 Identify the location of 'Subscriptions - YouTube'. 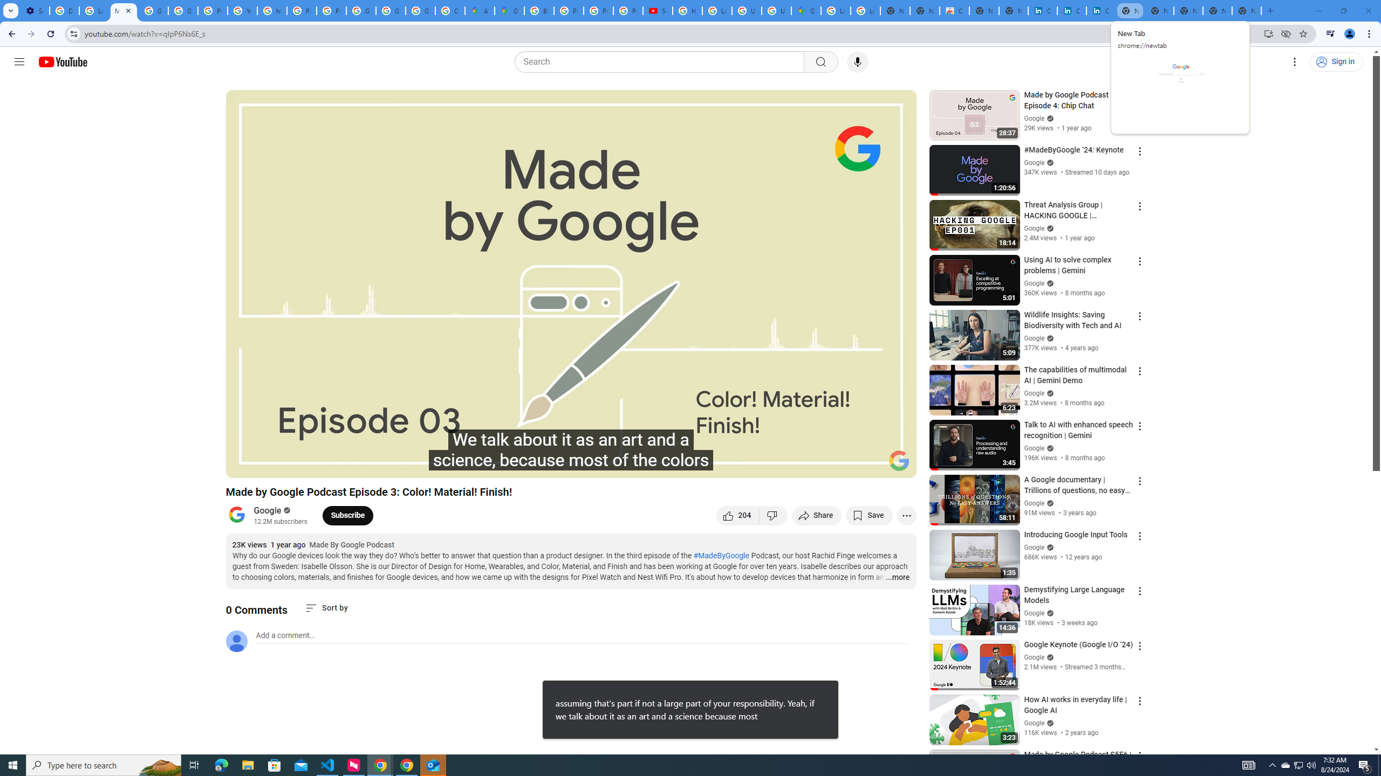
(657, 10).